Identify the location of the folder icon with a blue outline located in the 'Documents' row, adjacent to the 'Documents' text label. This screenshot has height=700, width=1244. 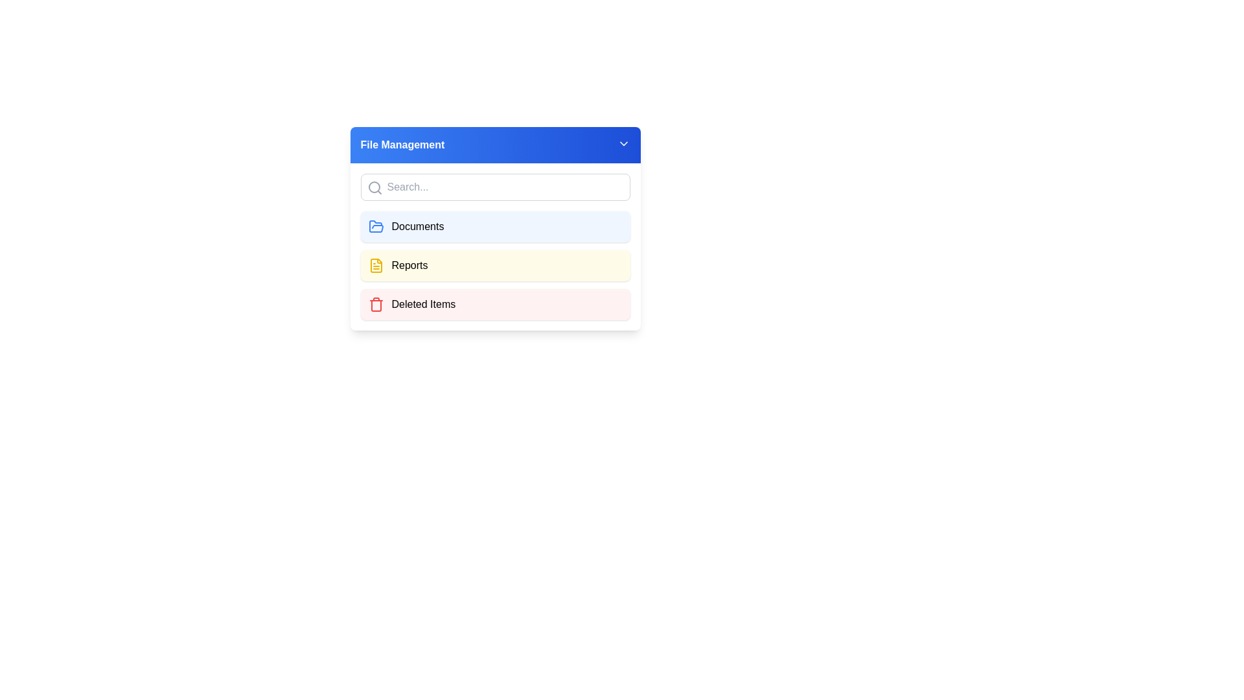
(375, 226).